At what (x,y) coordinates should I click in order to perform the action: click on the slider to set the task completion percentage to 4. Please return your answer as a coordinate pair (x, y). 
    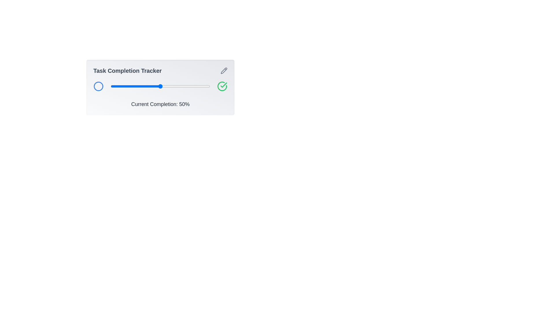
    Looking at the image, I should click on (114, 86).